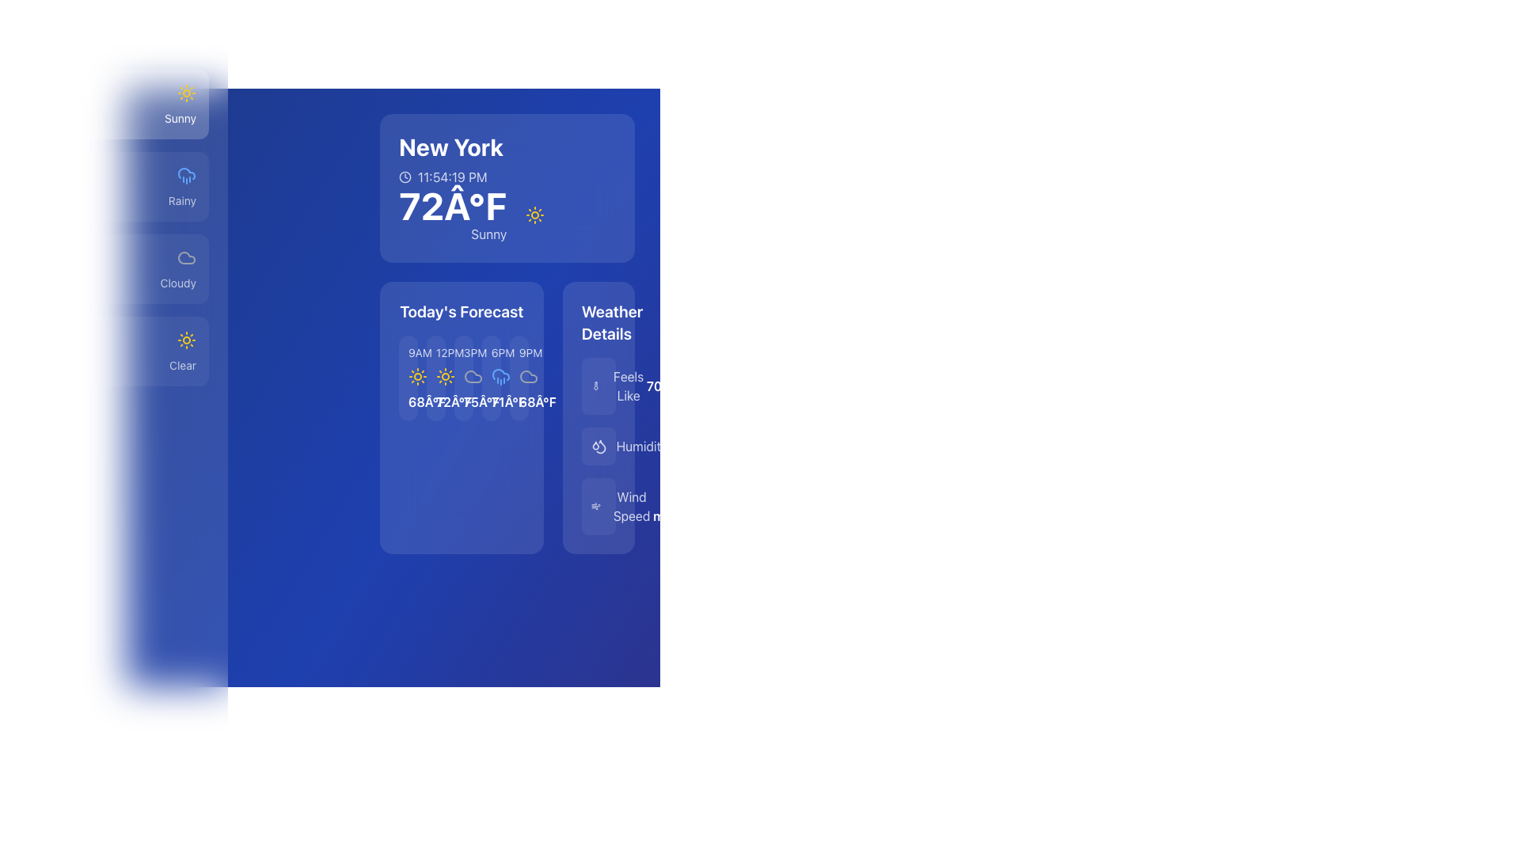 The width and height of the screenshot is (1520, 855). I want to click on the read-only text label displaying the weather condition '65°F Rainy', which is positioned in the middle section of a vertically arranged list, specifically the second item below 'Sunny', so click(113, 200).